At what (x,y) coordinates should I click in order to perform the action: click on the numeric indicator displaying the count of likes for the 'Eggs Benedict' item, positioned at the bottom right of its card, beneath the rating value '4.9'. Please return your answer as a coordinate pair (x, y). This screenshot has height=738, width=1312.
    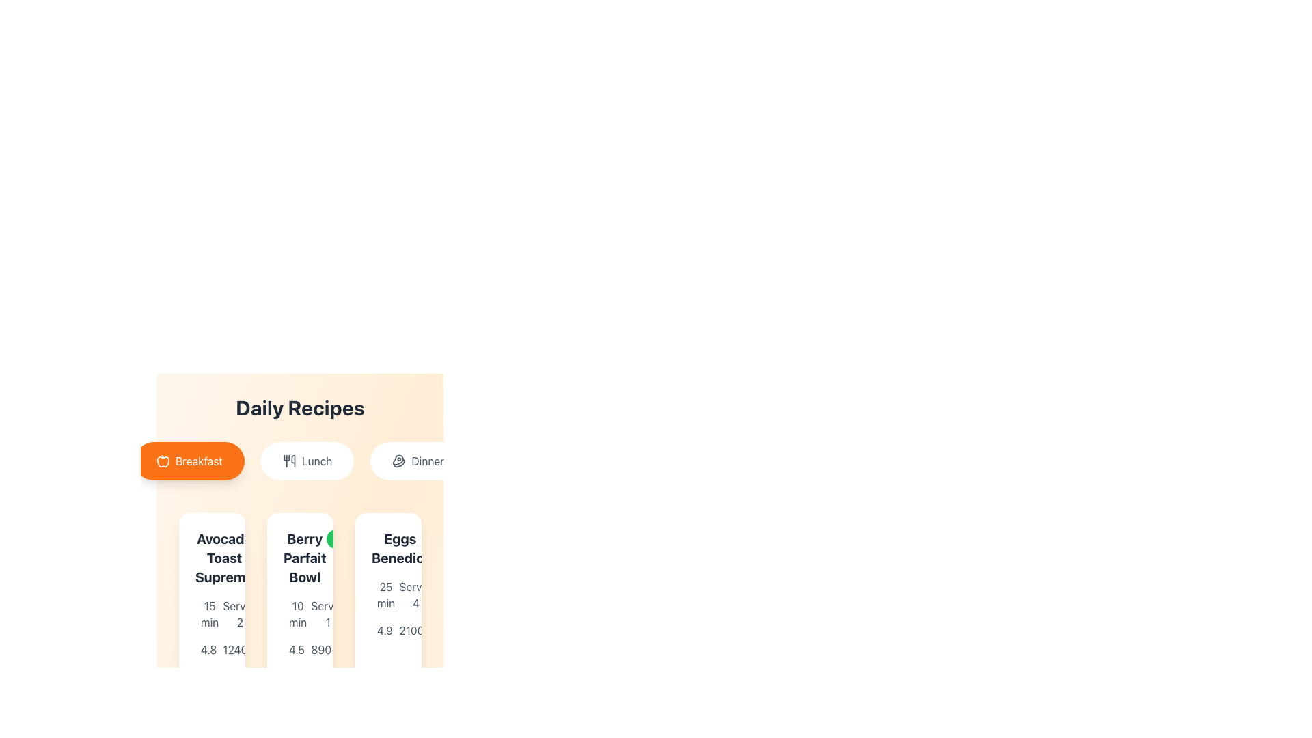
    Looking at the image, I should click on (398, 630).